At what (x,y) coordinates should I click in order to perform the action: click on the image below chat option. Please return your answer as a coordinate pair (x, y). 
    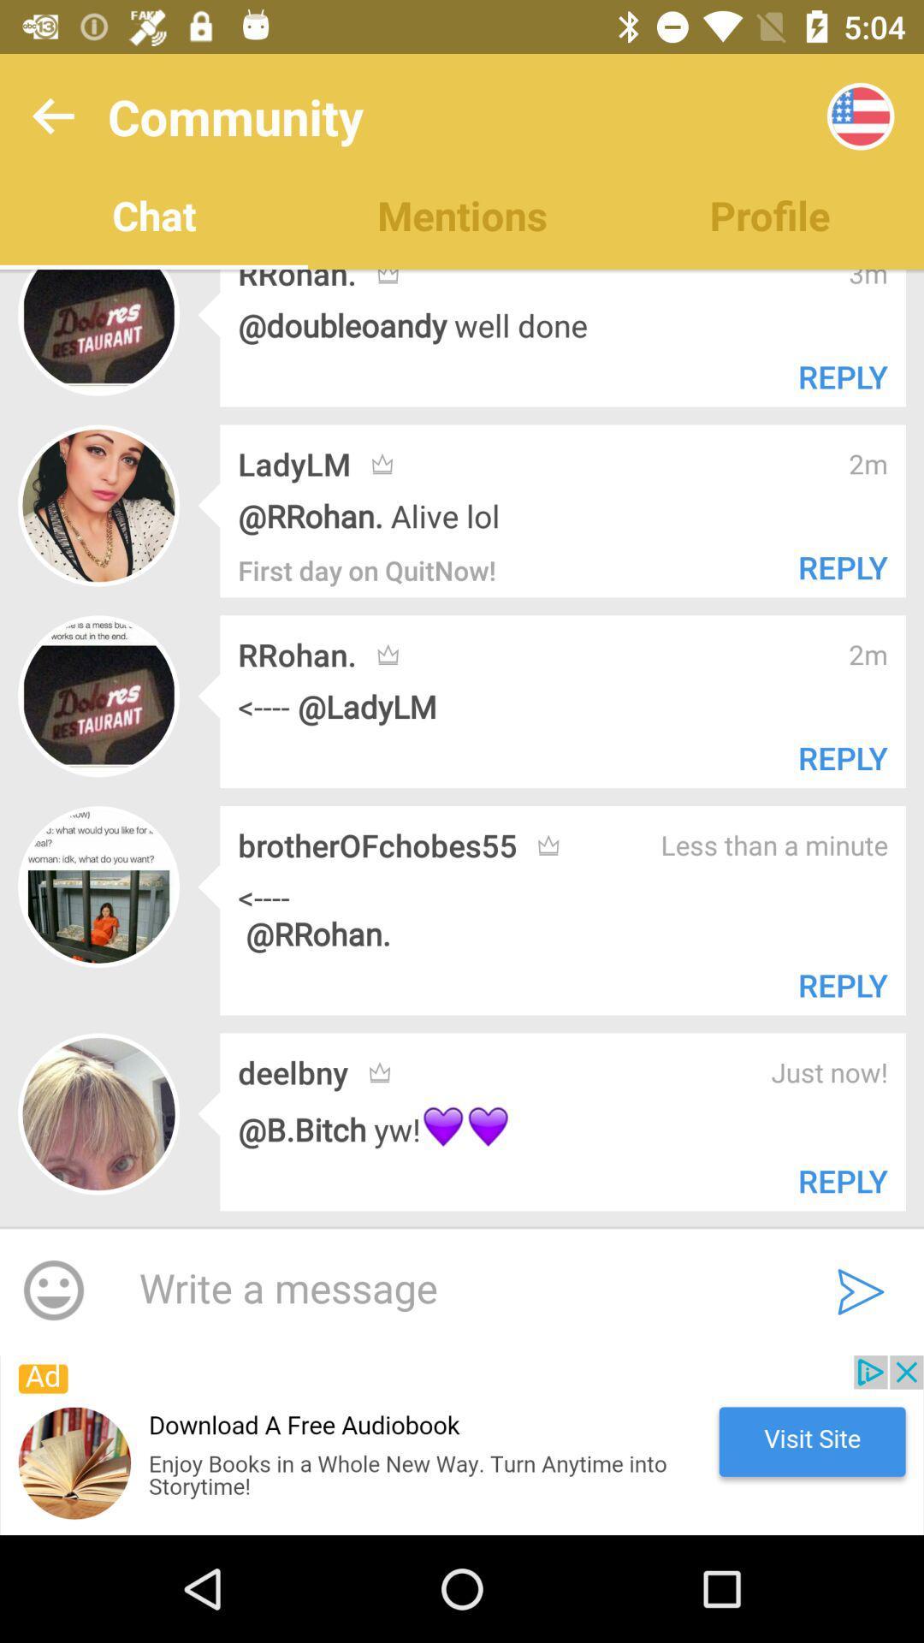
    Looking at the image, I should click on (98, 332).